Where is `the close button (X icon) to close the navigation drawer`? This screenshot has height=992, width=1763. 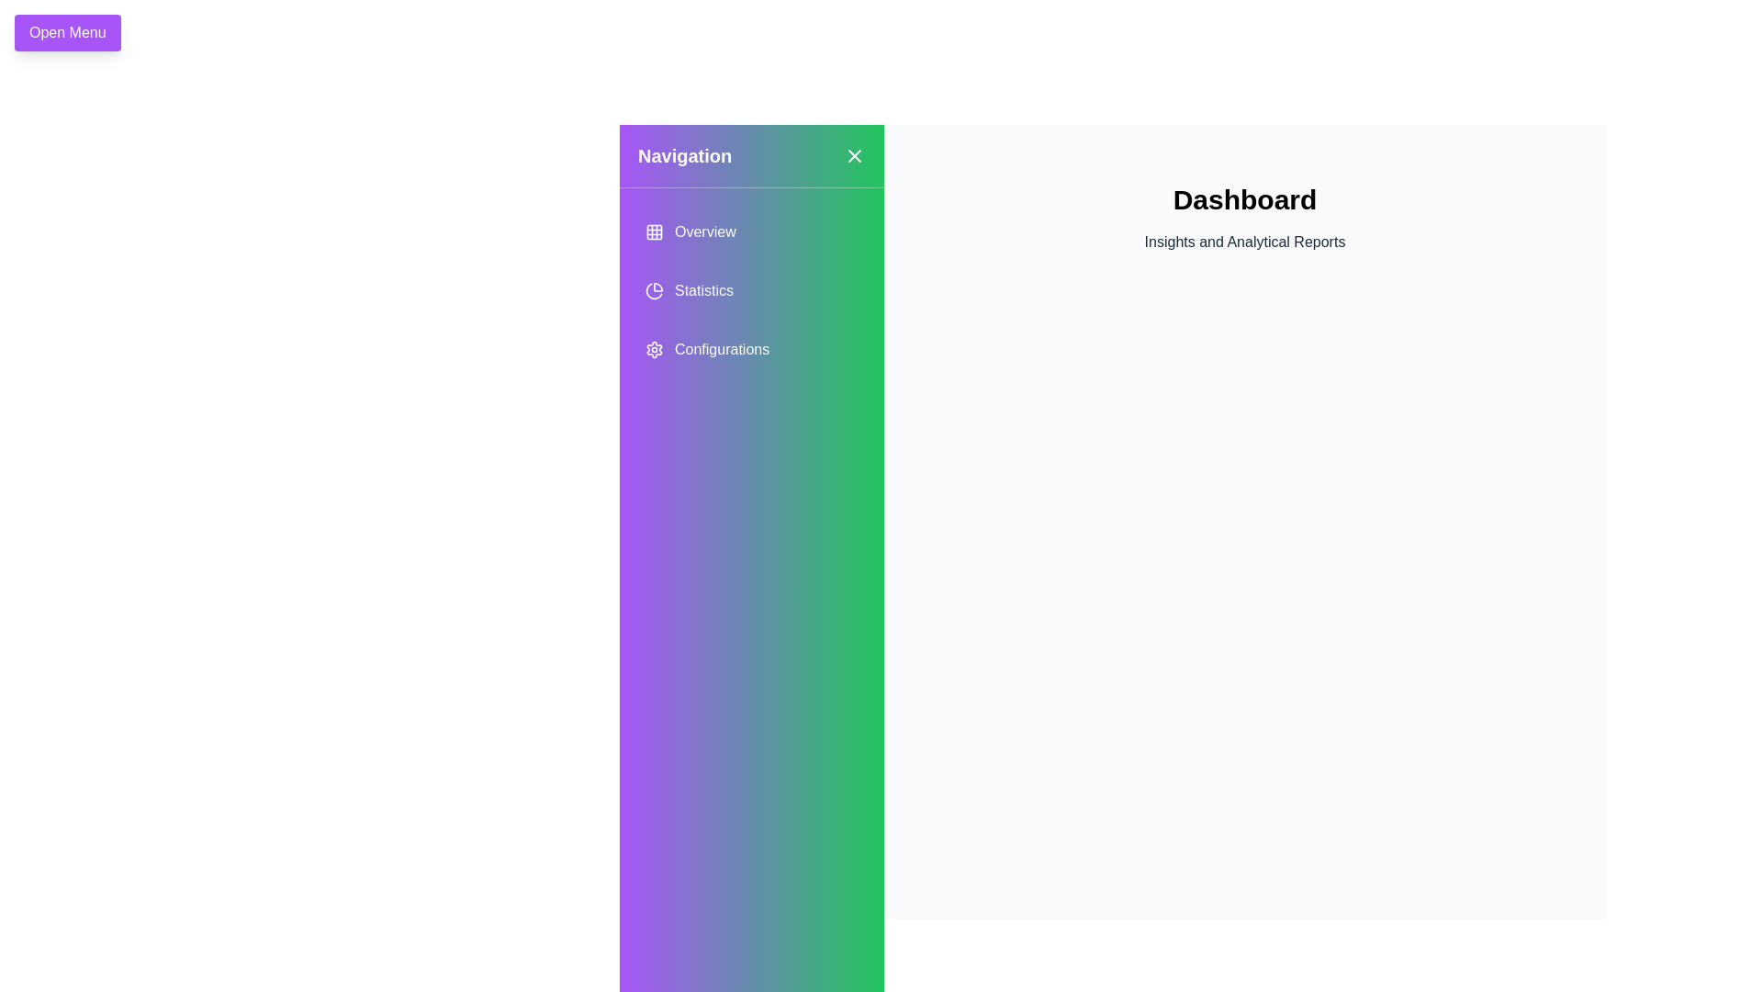
the close button (X icon) to close the navigation drawer is located at coordinates (854, 154).